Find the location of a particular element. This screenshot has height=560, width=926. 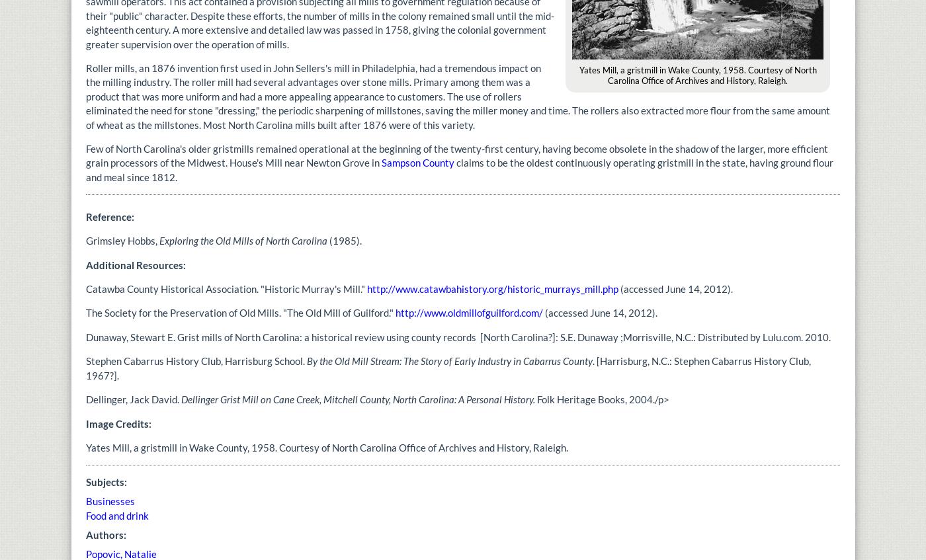

'Food and drink' is located at coordinates (116, 514).